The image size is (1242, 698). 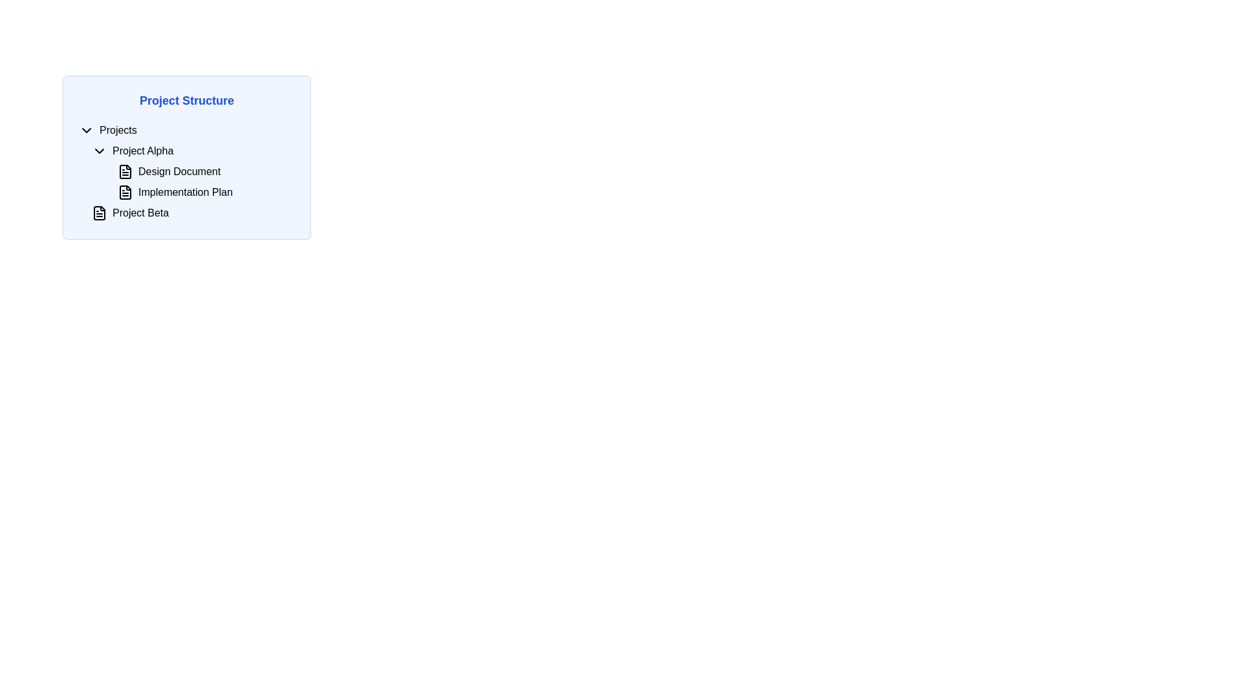 I want to click on the interactive text item labeled 'Project Beta' in the 'Project Structure' pane, so click(x=140, y=213).